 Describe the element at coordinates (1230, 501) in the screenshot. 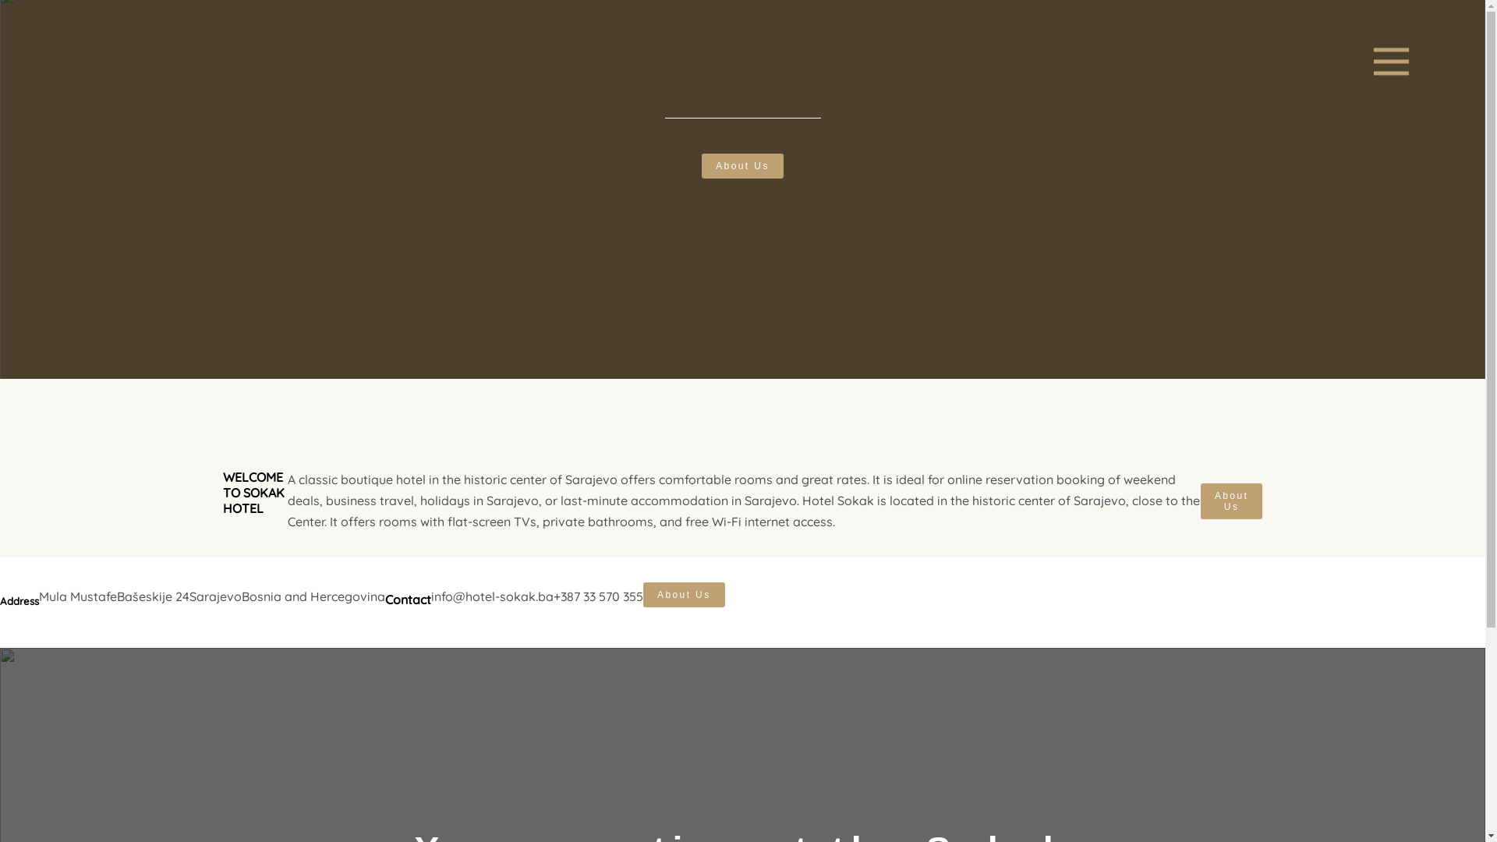

I see `'About Us'` at that location.